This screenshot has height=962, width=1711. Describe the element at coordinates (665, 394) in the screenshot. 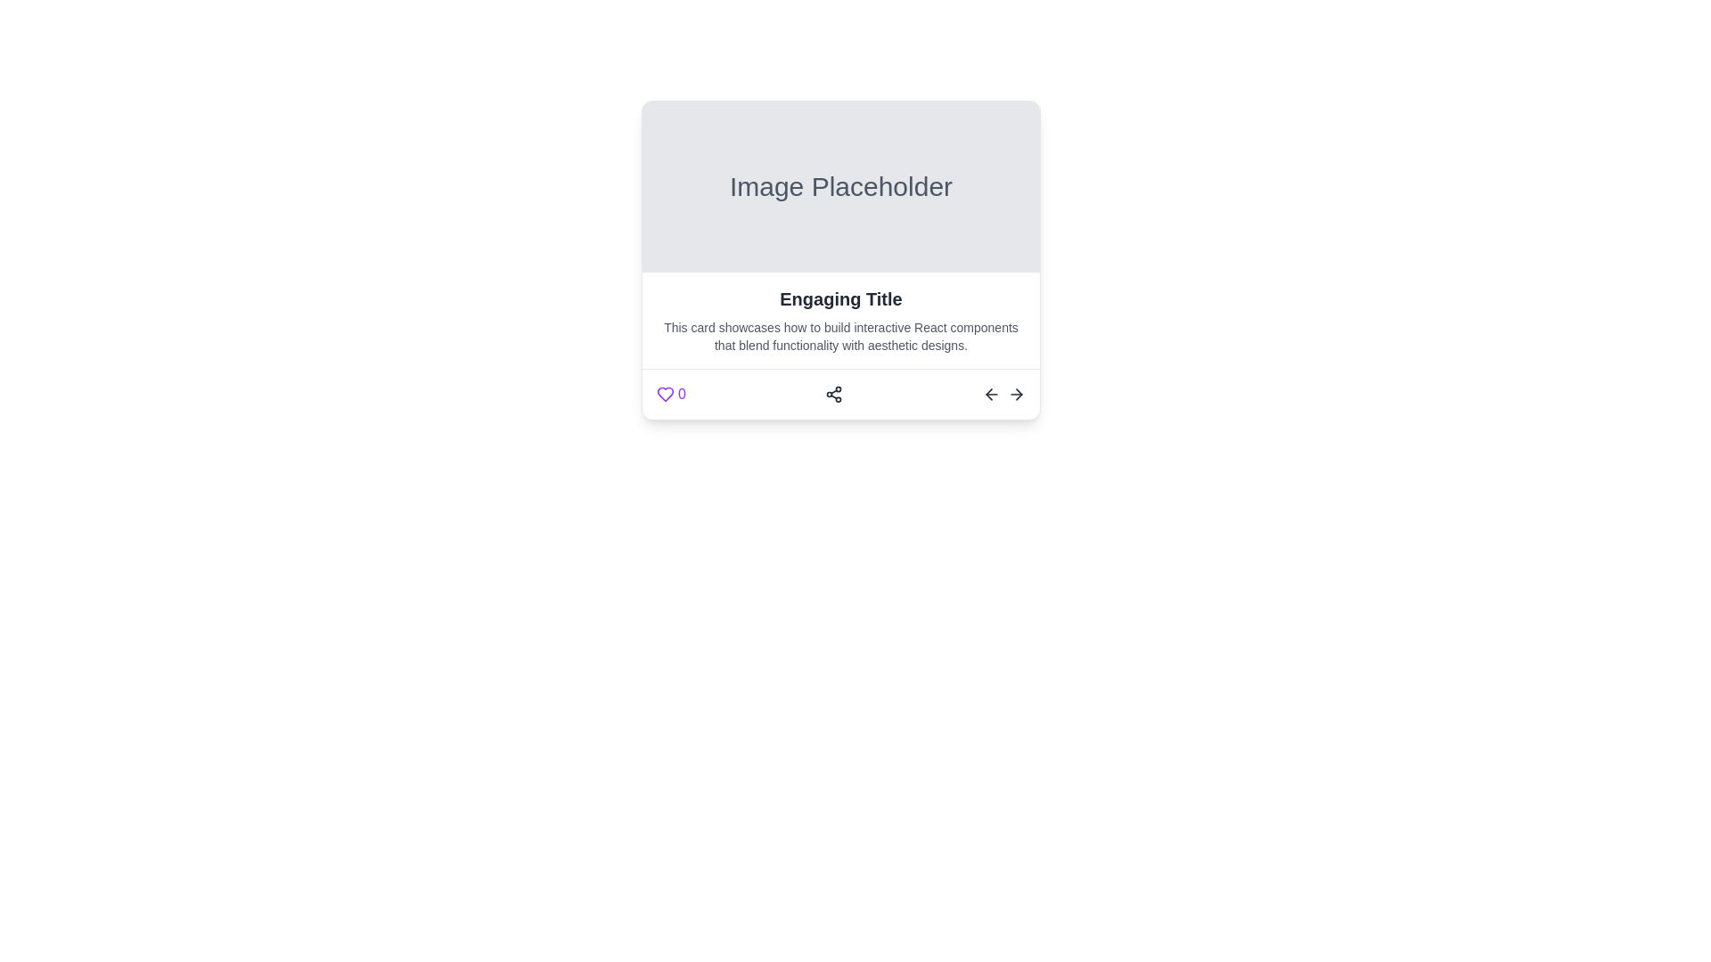

I see `the Heart icon located in the lower-left section of the card, adjacent to the numerical display ('0')` at that location.